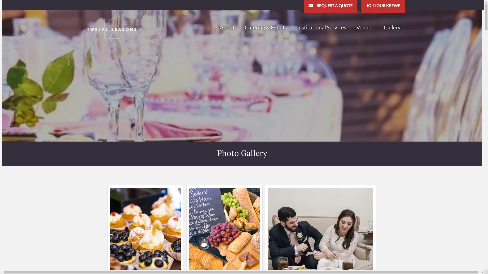  Describe the element at coordinates (364, 27) in the screenshot. I see `'Venues'` at that location.